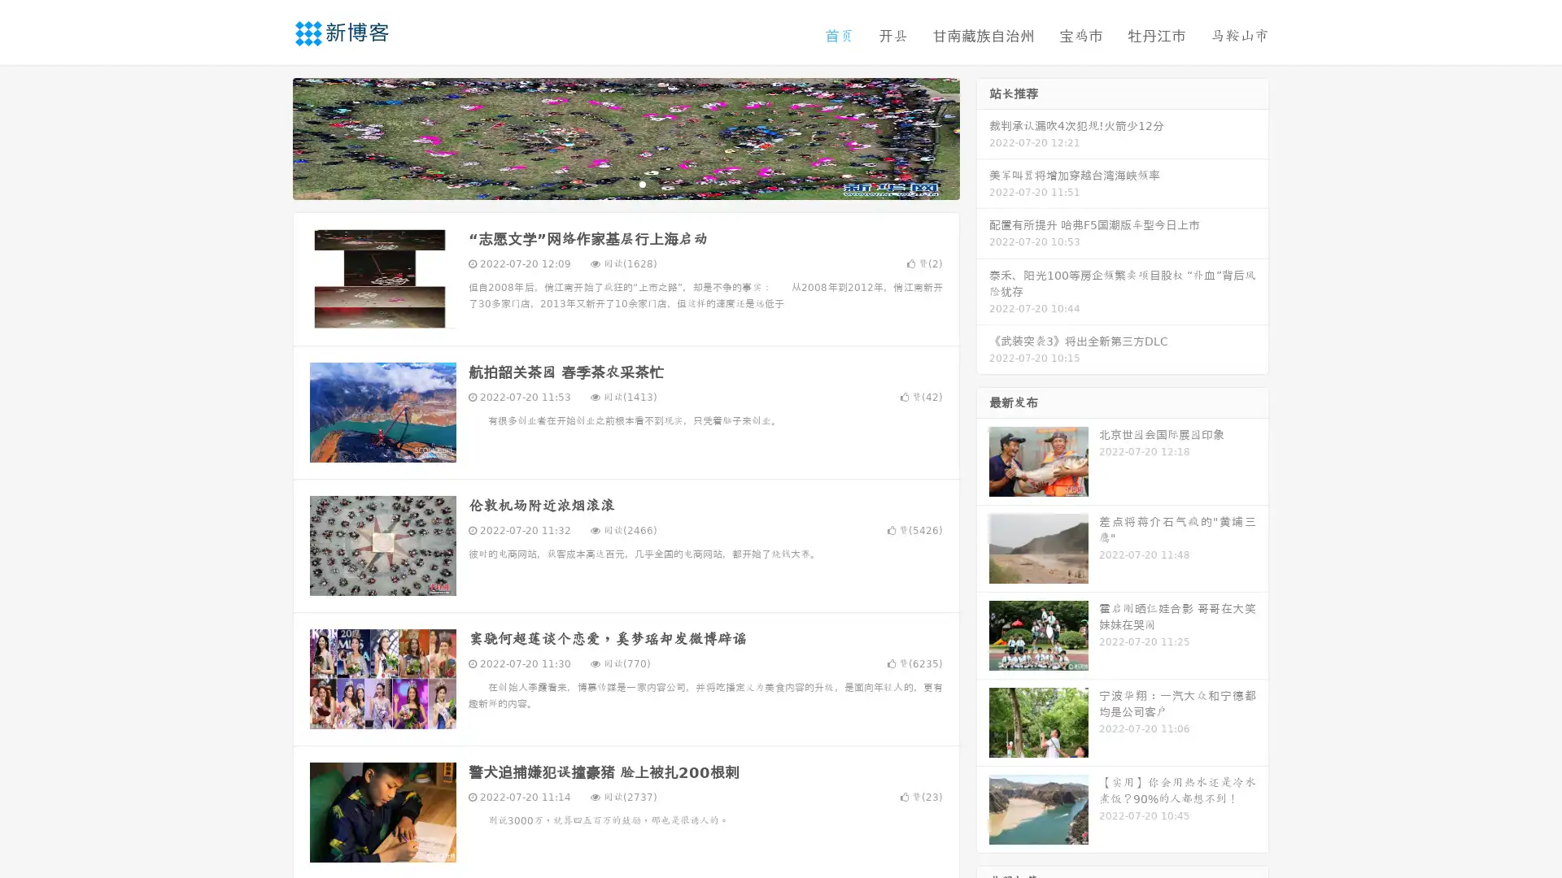 Image resolution: width=1562 pixels, height=878 pixels. Describe the element at coordinates (268, 137) in the screenshot. I see `Previous slide` at that location.